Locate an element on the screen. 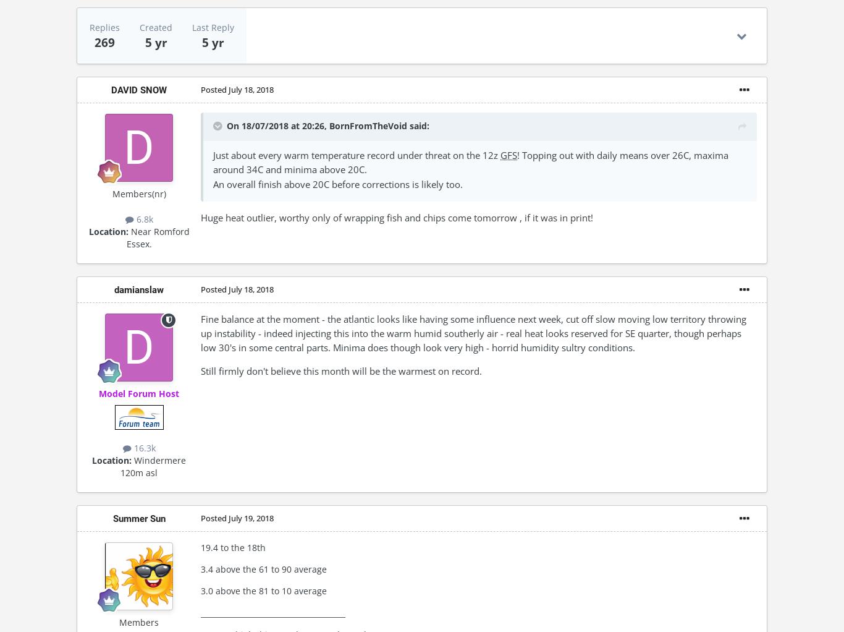  'July 19, 2018' is located at coordinates (250, 517).